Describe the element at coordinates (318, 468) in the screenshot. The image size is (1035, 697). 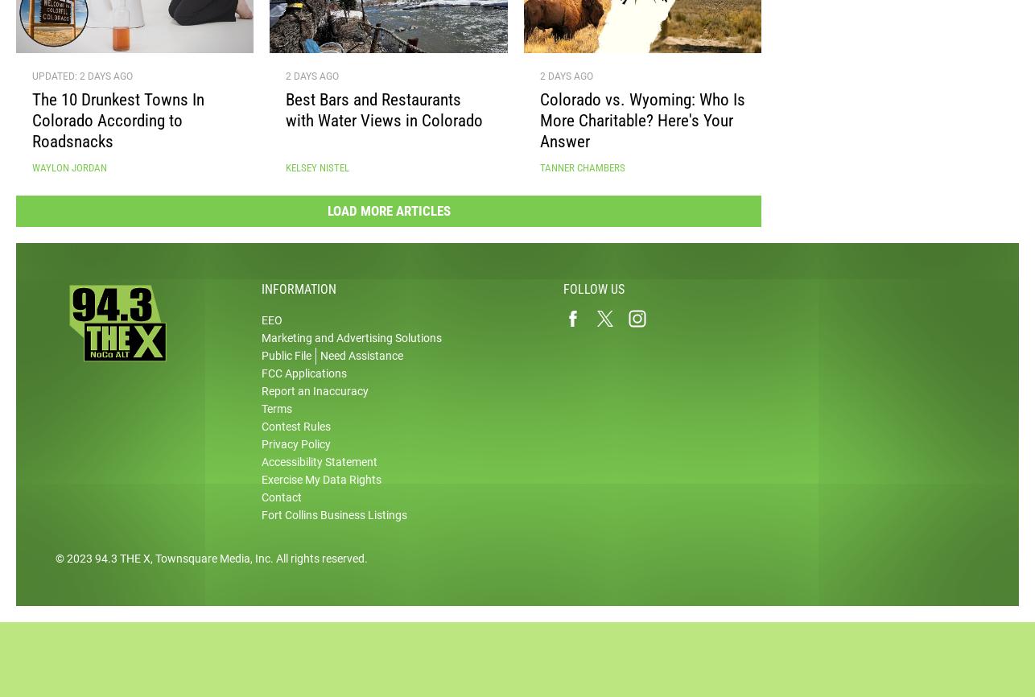
I see `'Accessibility Statement'` at that location.